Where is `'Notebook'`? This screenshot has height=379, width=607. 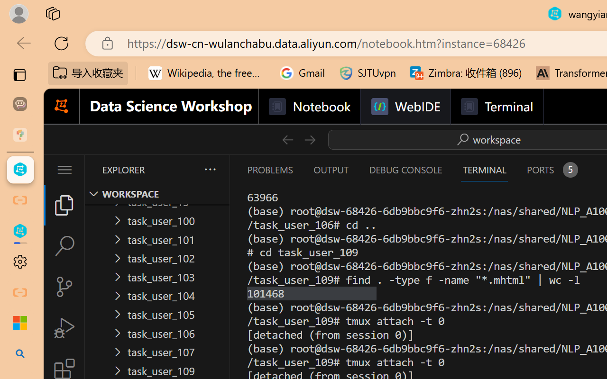 'Notebook' is located at coordinates (309, 107).